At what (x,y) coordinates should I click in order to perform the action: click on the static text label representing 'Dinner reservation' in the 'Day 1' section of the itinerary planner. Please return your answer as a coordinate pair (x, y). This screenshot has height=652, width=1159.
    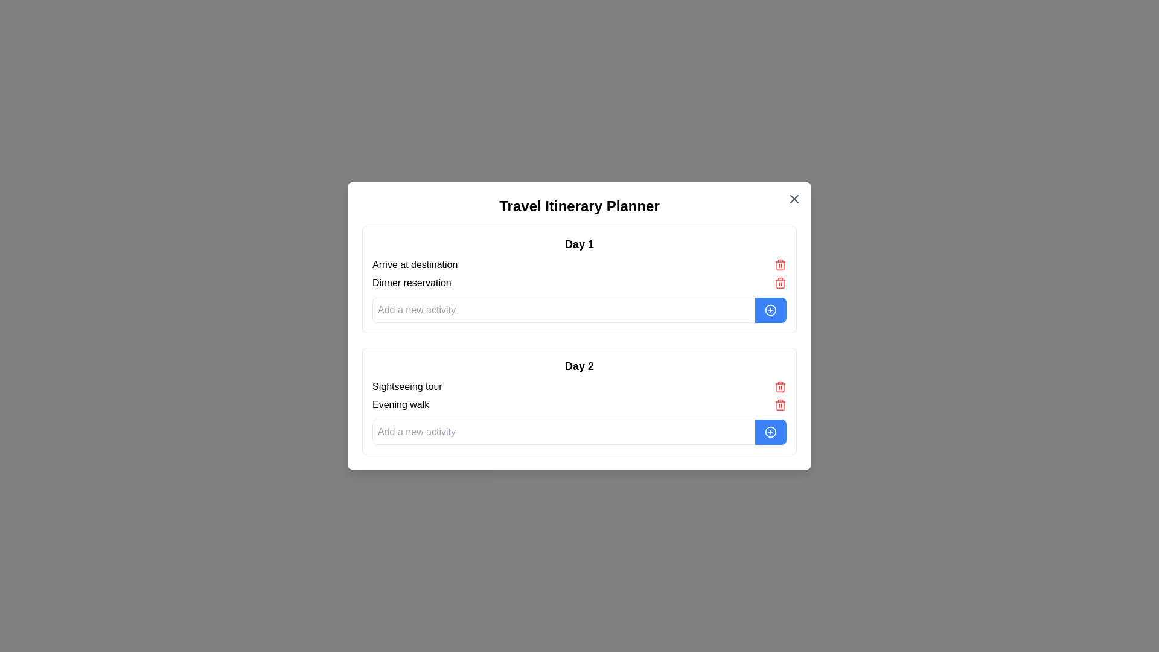
    Looking at the image, I should click on (412, 283).